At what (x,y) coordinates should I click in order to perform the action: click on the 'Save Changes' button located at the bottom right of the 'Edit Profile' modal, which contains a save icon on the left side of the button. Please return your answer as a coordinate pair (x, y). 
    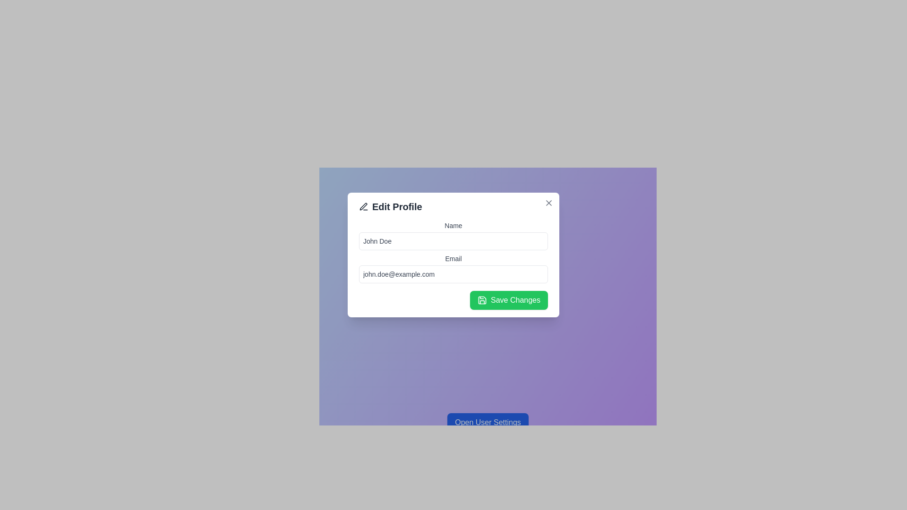
    Looking at the image, I should click on (482, 300).